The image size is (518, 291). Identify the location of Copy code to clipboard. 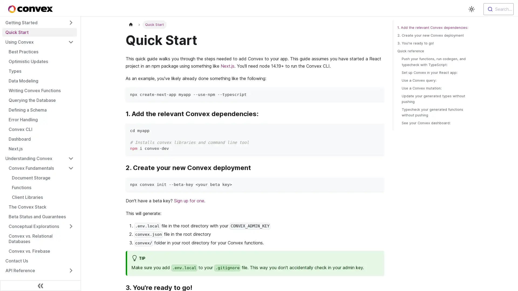
(377, 183).